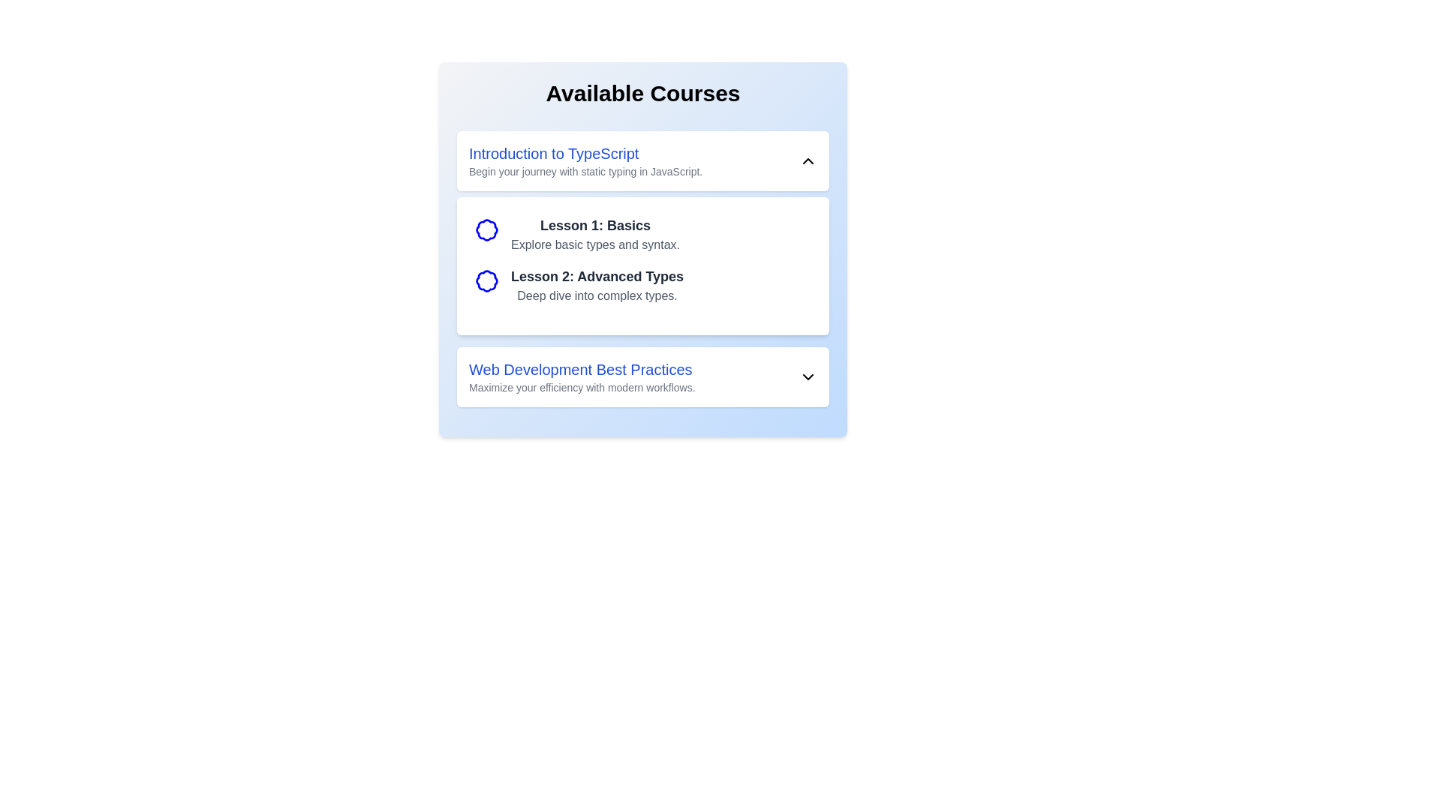 The image size is (1441, 810). What do you see at coordinates (597, 286) in the screenshot?
I see `details of the Text block displaying the title and subtitle for the course lesson, located under 'Lesson 1: Basics' and above 'Web Development Best Practices'` at bounding box center [597, 286].